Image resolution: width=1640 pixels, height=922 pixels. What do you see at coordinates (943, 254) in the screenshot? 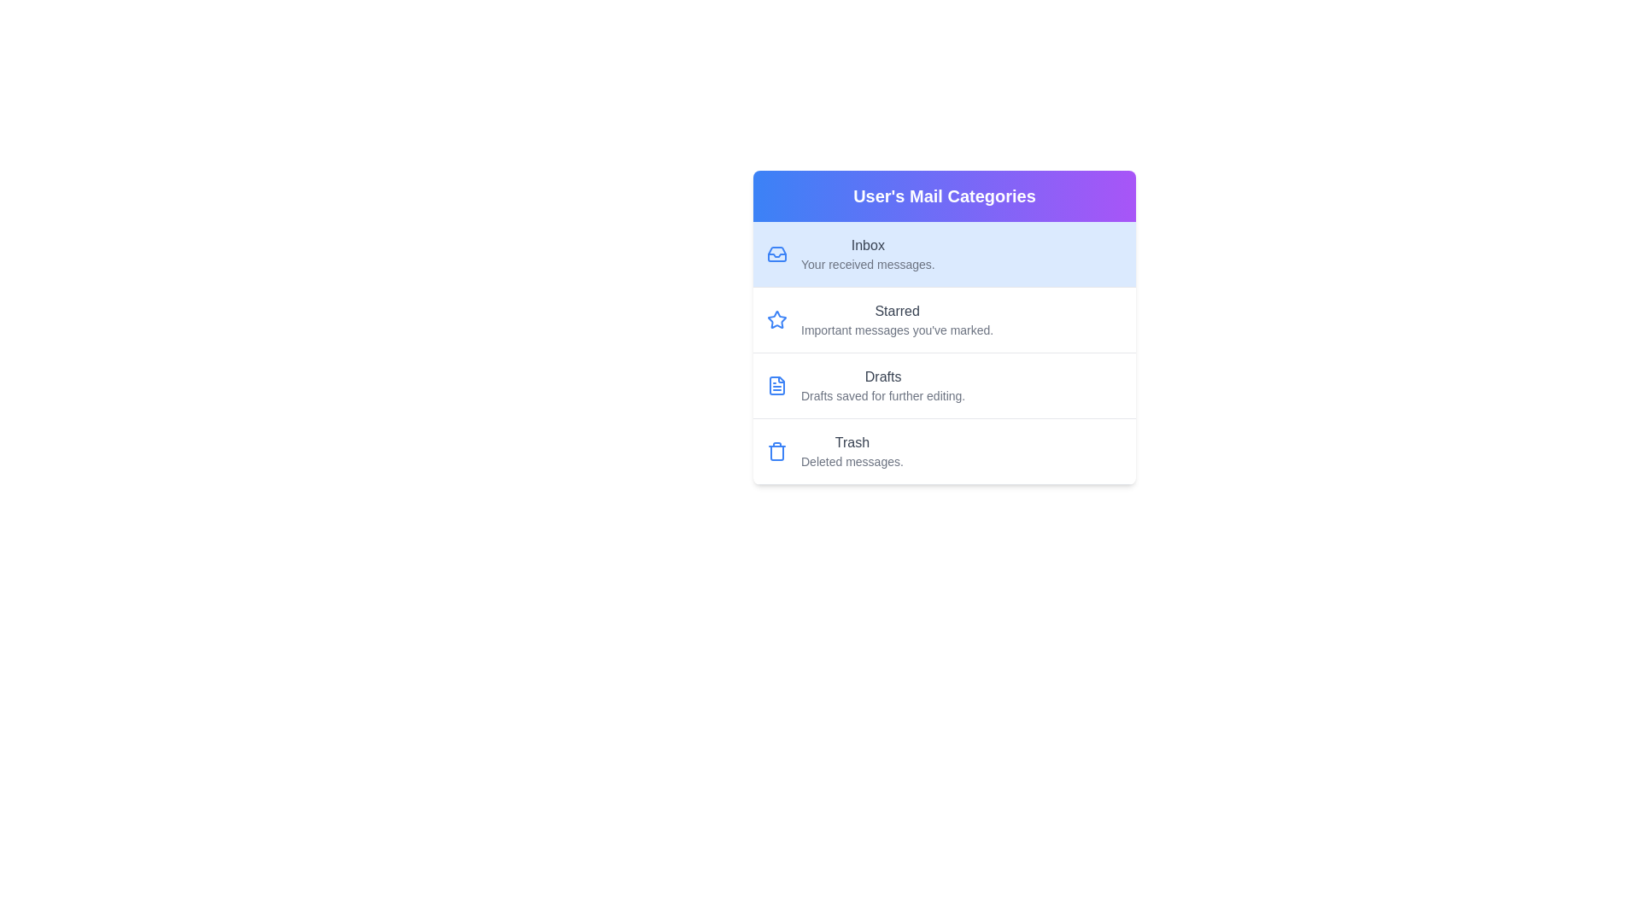
I see `the mail category item corresponding to Inbox` at bounding box center [943, 254].